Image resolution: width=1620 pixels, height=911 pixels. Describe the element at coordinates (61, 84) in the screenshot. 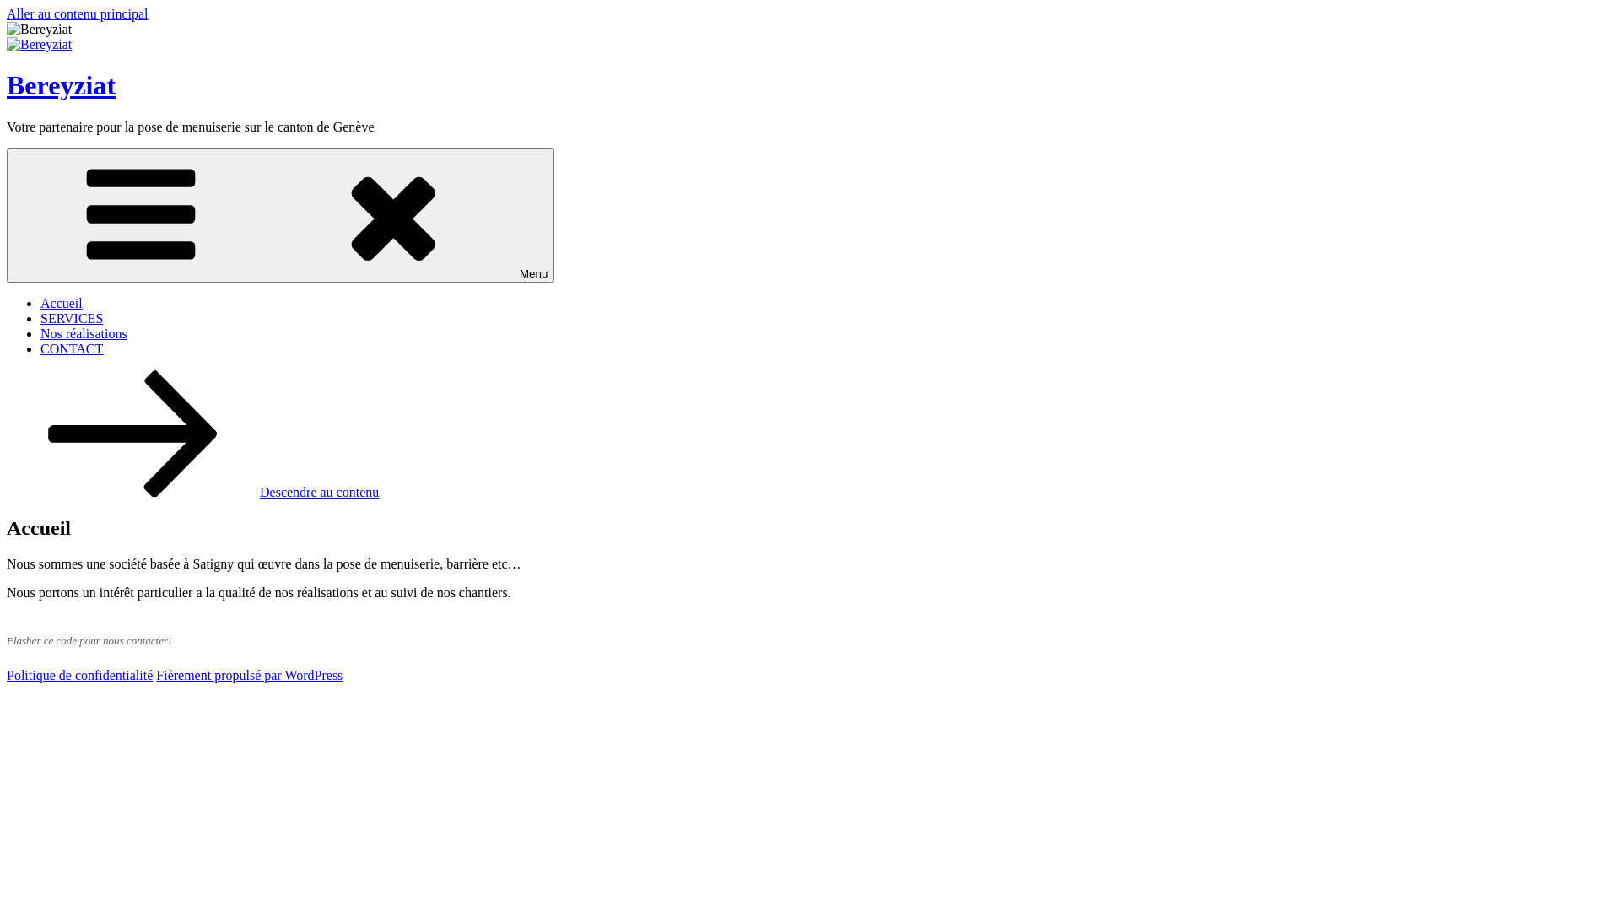

I see `'Bereyziat'` at that location.